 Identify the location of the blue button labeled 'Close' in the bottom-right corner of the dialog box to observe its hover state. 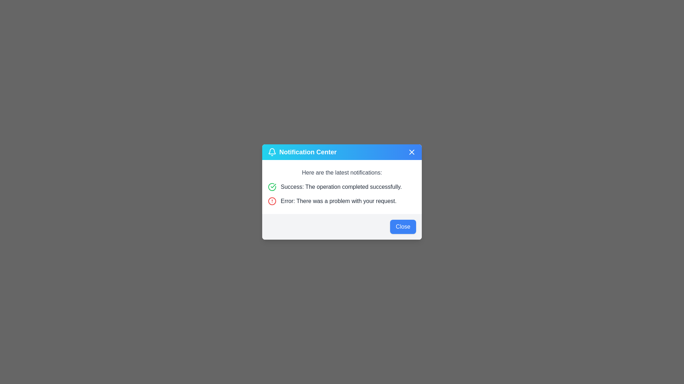
(403, 226).